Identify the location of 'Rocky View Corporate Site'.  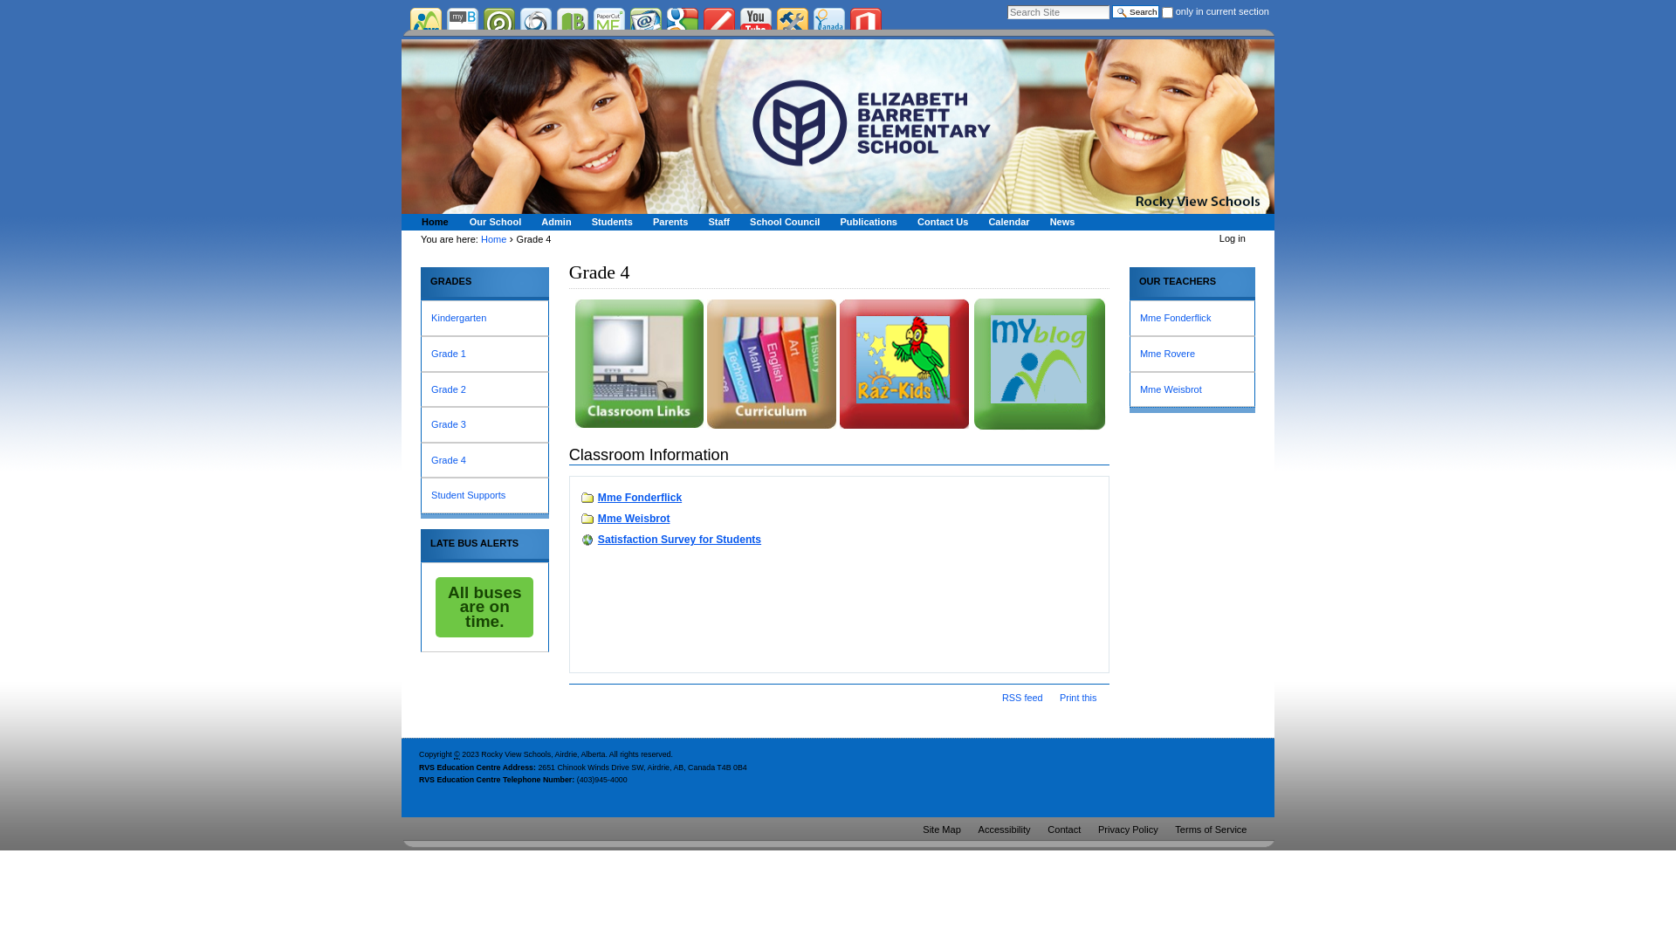
(426, 23).